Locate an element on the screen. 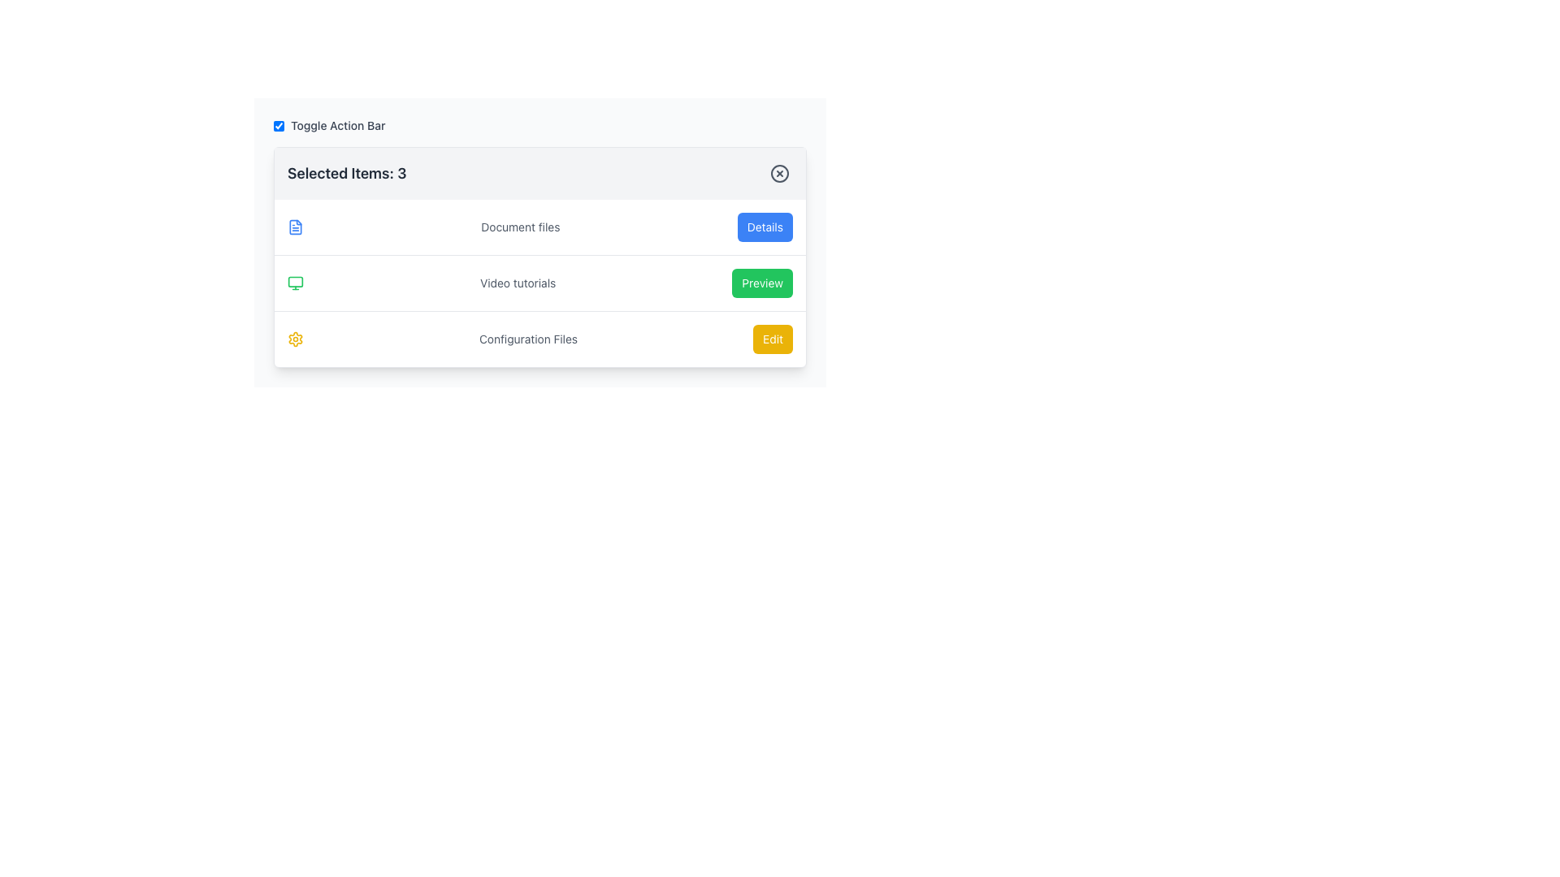 The height and width of the screenshot is (877, 1560). the icon associated with the 'Document files' listed item in the 'Selected Items' box, located at the top-left corner of the list is located at coordinates (296, 227).